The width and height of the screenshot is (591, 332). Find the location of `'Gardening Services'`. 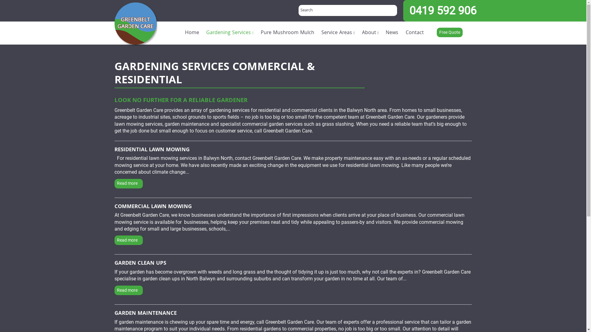

'Gardening Services' is located at coordinates (230, 33).